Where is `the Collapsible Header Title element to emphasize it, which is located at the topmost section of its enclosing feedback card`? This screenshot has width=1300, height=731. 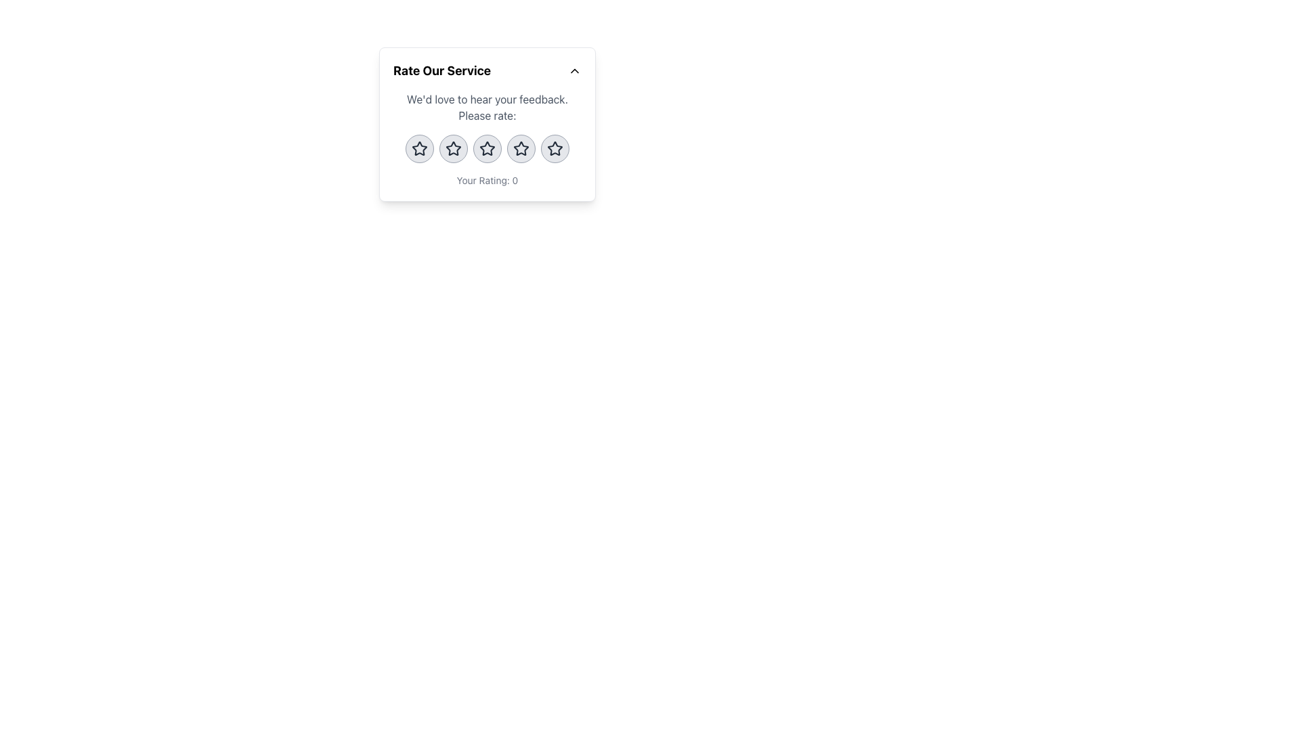 the Collapsible Header Title element to emphasize it, which is located at the topmost section of its enclosing feedback card is located at coordinates (487, 70).